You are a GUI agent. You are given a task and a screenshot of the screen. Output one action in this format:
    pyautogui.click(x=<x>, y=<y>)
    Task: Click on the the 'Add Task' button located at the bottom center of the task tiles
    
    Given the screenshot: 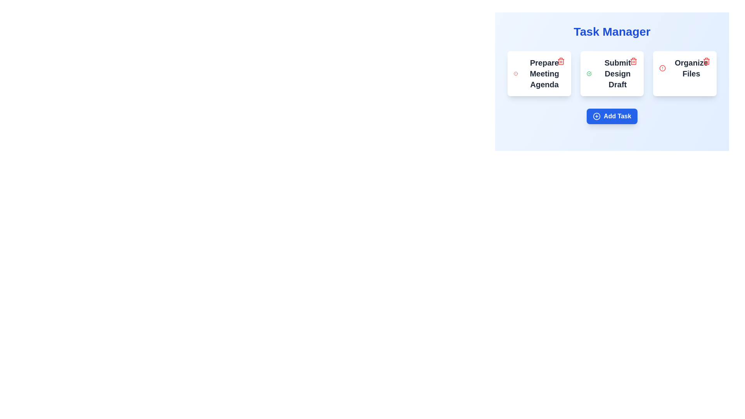 What is the action you would take?
    pyautogui.click(x=612, y=116)
    